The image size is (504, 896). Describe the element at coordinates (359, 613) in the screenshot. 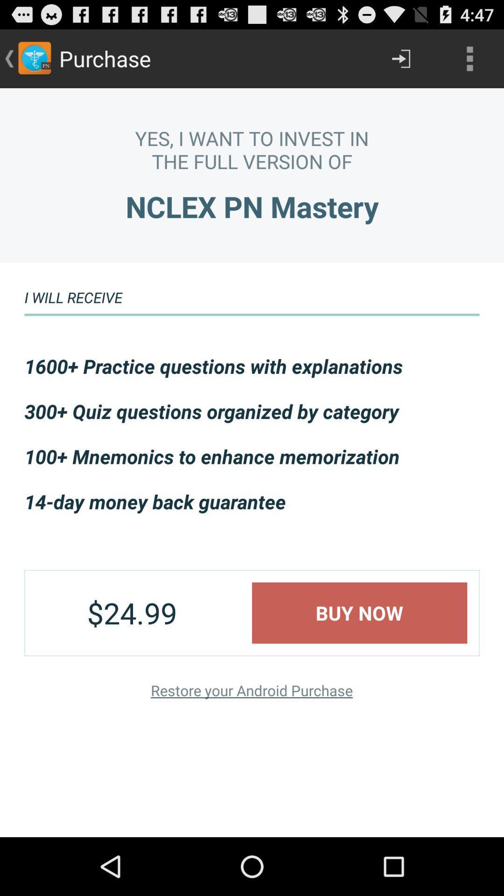

I see `item at the bottom right corner` at that location.